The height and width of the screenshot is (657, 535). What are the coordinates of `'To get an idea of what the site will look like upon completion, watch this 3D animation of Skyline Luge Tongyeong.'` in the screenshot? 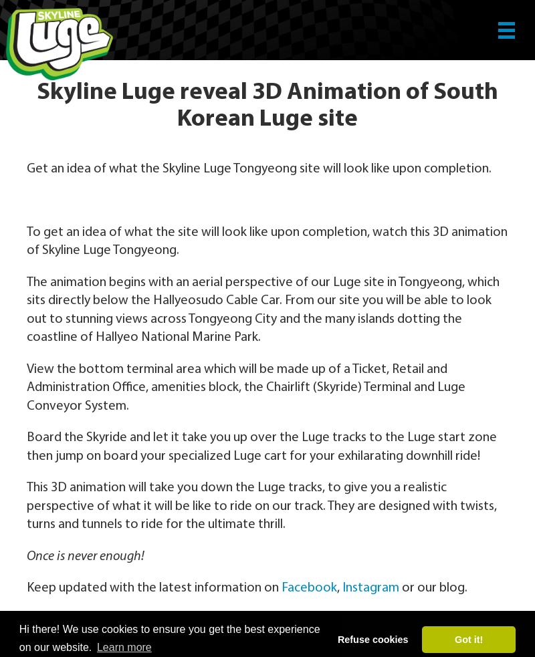 It's located at (266, 240).